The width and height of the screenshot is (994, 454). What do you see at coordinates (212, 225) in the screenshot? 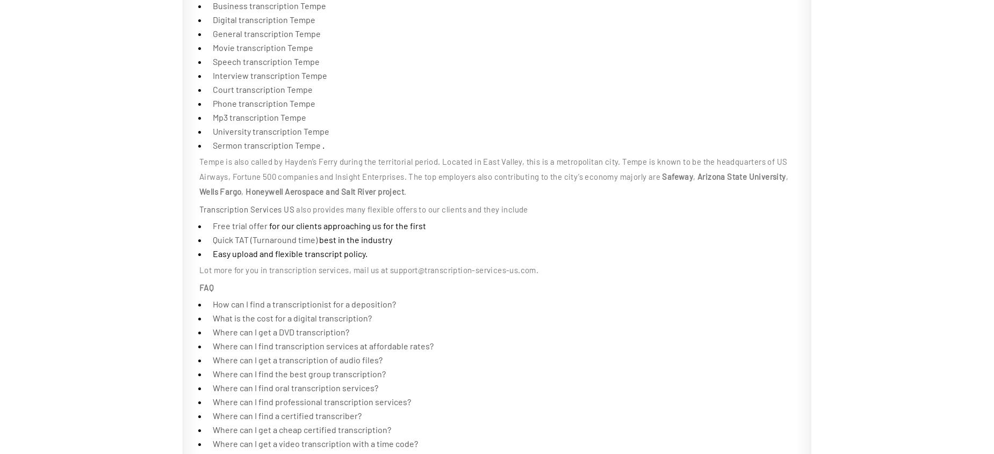
I see `'Free trial offer'` at bounding box center [212, 225].